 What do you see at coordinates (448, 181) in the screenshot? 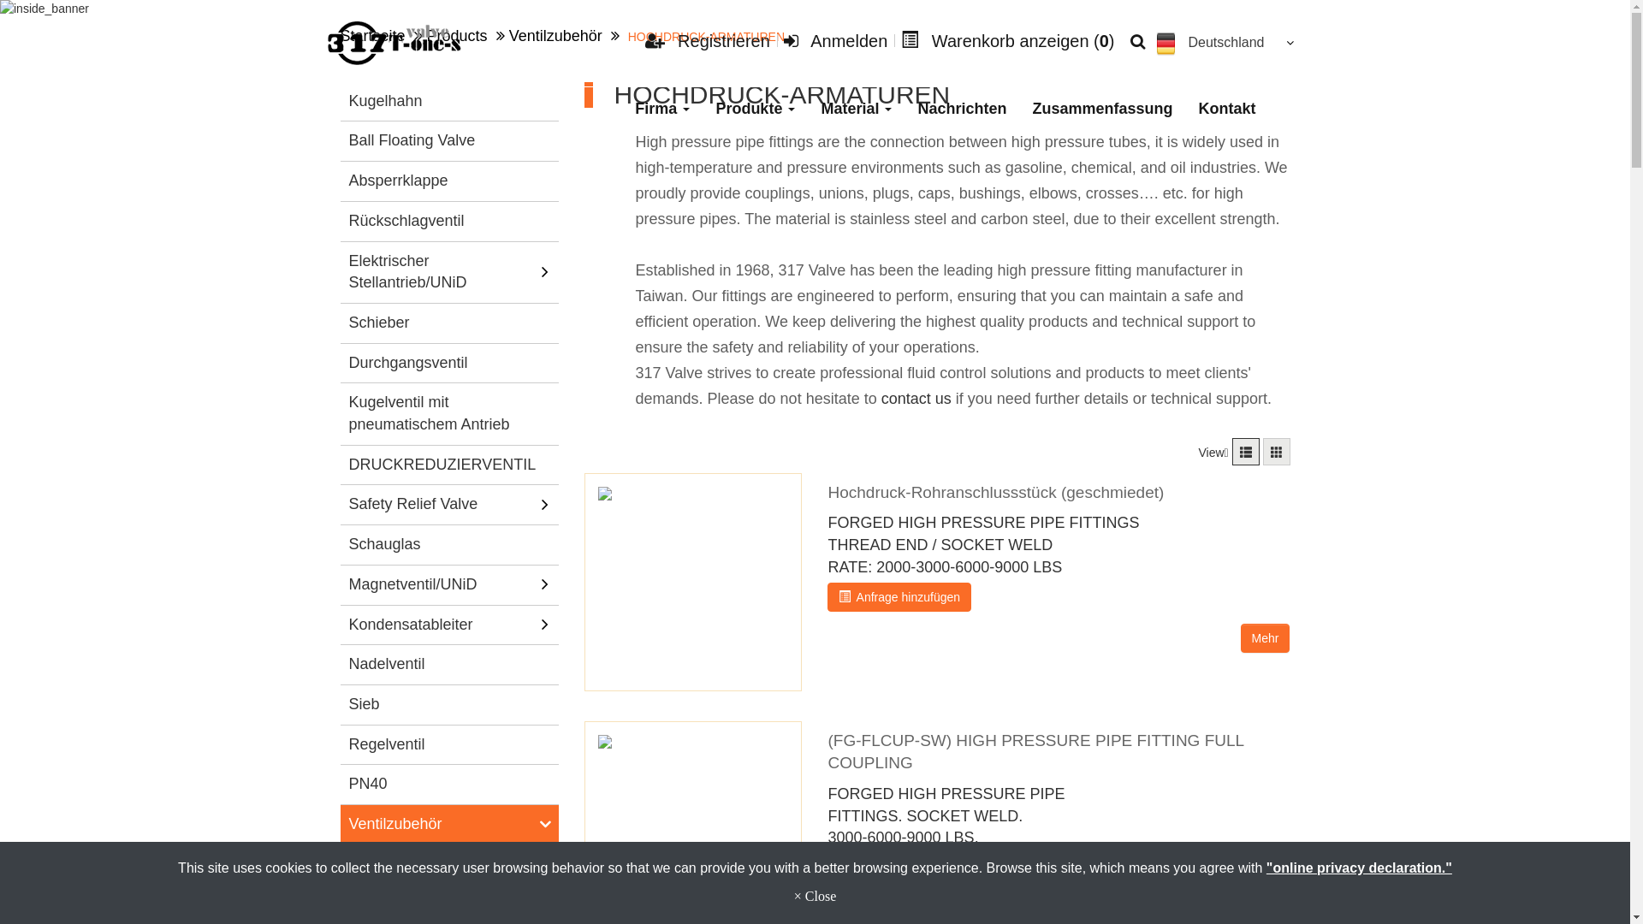
I see `'Absperrklappe'` at bounding box center [448, 181].